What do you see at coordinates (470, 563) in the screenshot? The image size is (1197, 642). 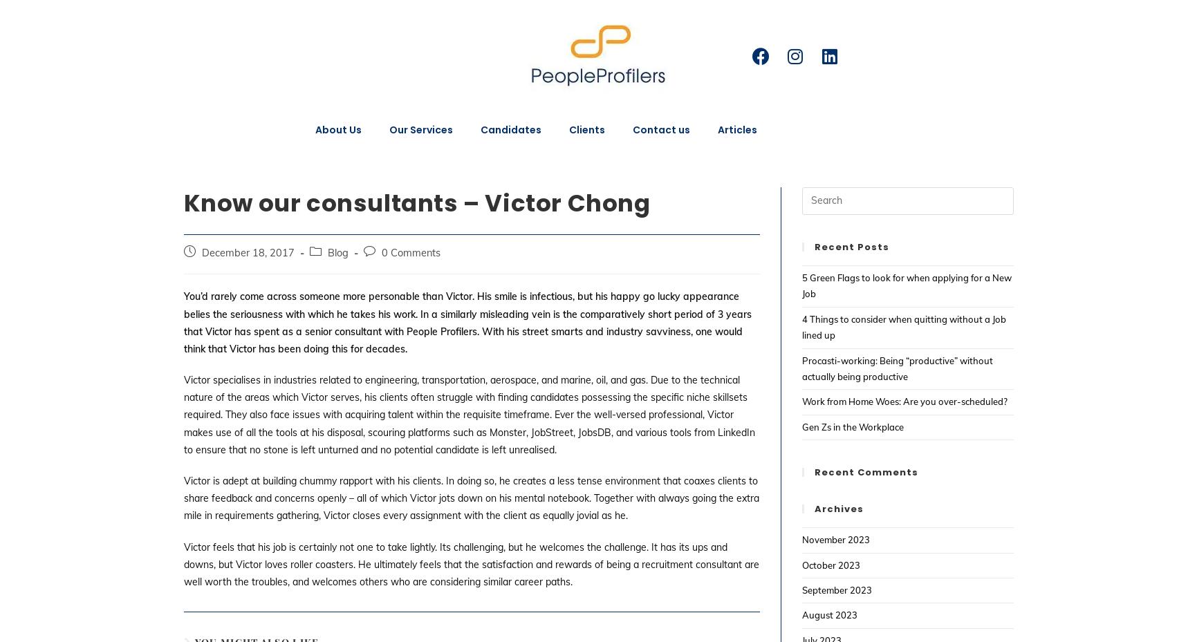 I see `'Victor feels that his job is certainly not one to take lightly. Its challenging, but he welcomes the challenge. It has its ups and downs, but Victor loves roller coasters. He ultimately feels that the satisfaction and rewards of being a recruitment consultant are well worth the troubles, and welcomes others who are considering similar career paths.'` at bounding box center [470, 563].